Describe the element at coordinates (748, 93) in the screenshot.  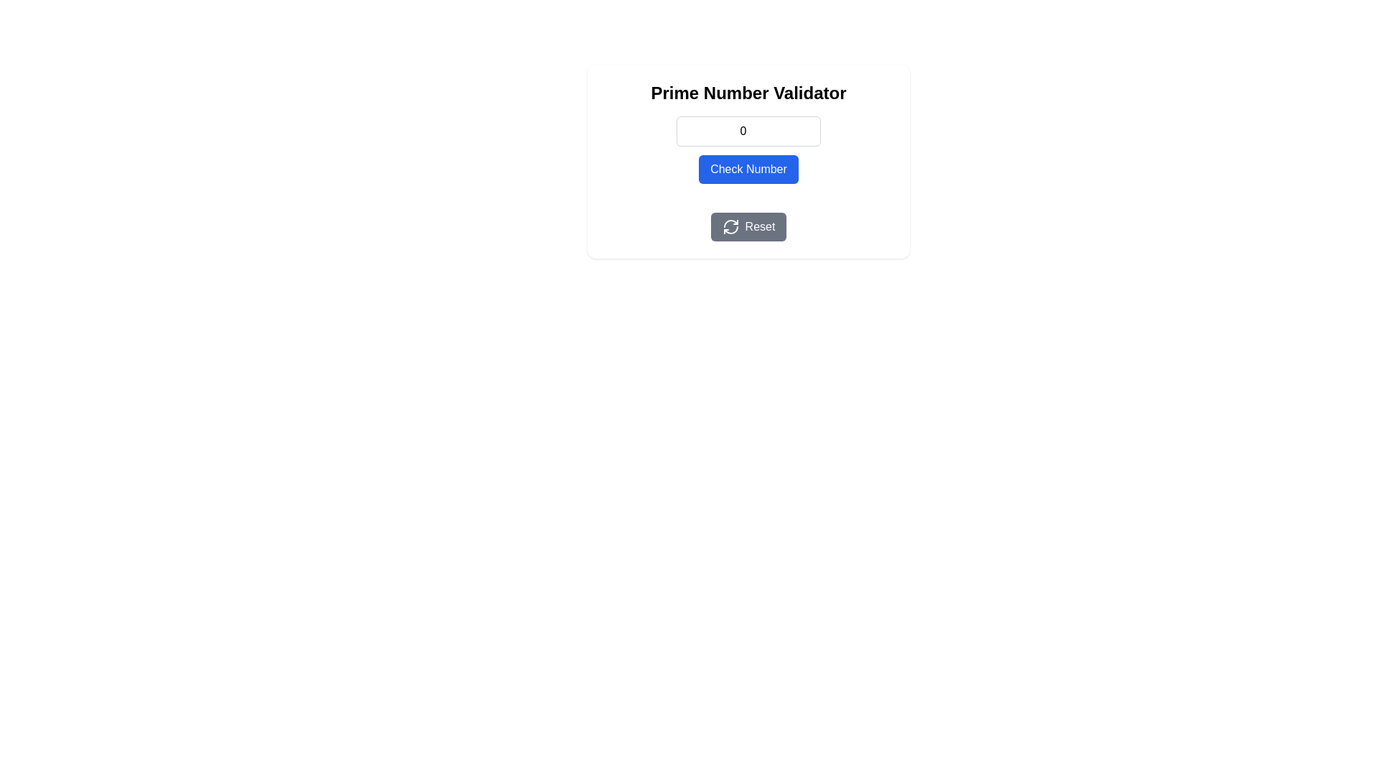
I see `the header text that labels the interface for validating prime numbers, which is centrally located above the input field and buttons` at that location.